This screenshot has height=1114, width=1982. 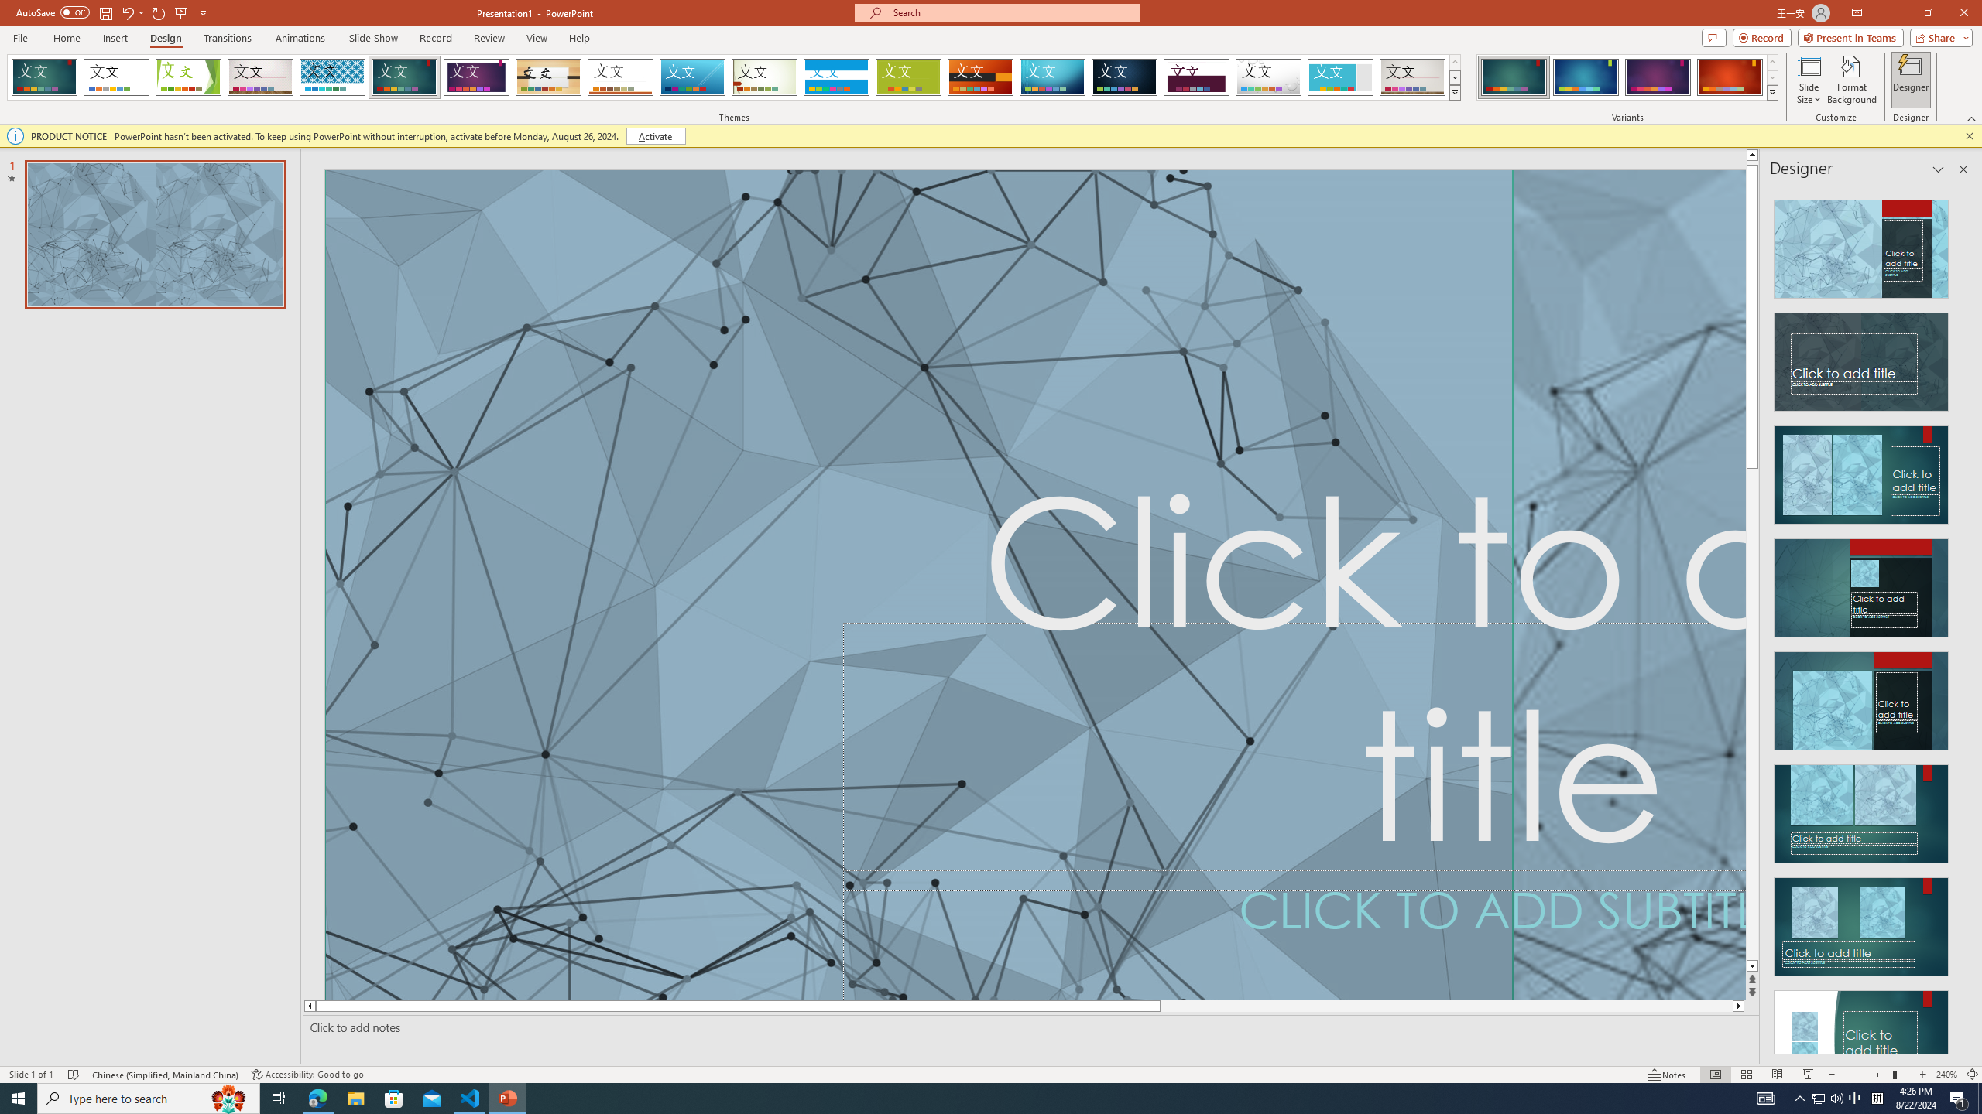 What do you see at coordinates (908, 77) in the screenshot?
I see `'Basis'` at bounding box center [908, 77].